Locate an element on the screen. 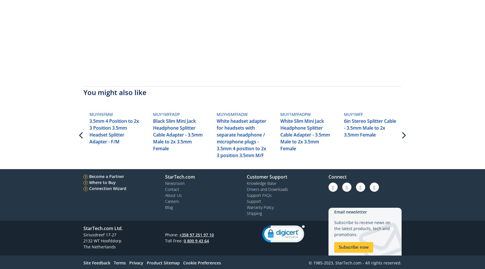 The width and height of the screenshot is (485, 269). '3.5mm 4 Position to 2x 3 Position 3.5mm Headset Splitter Adapter - F/M' is located at coordinates (114, 130).